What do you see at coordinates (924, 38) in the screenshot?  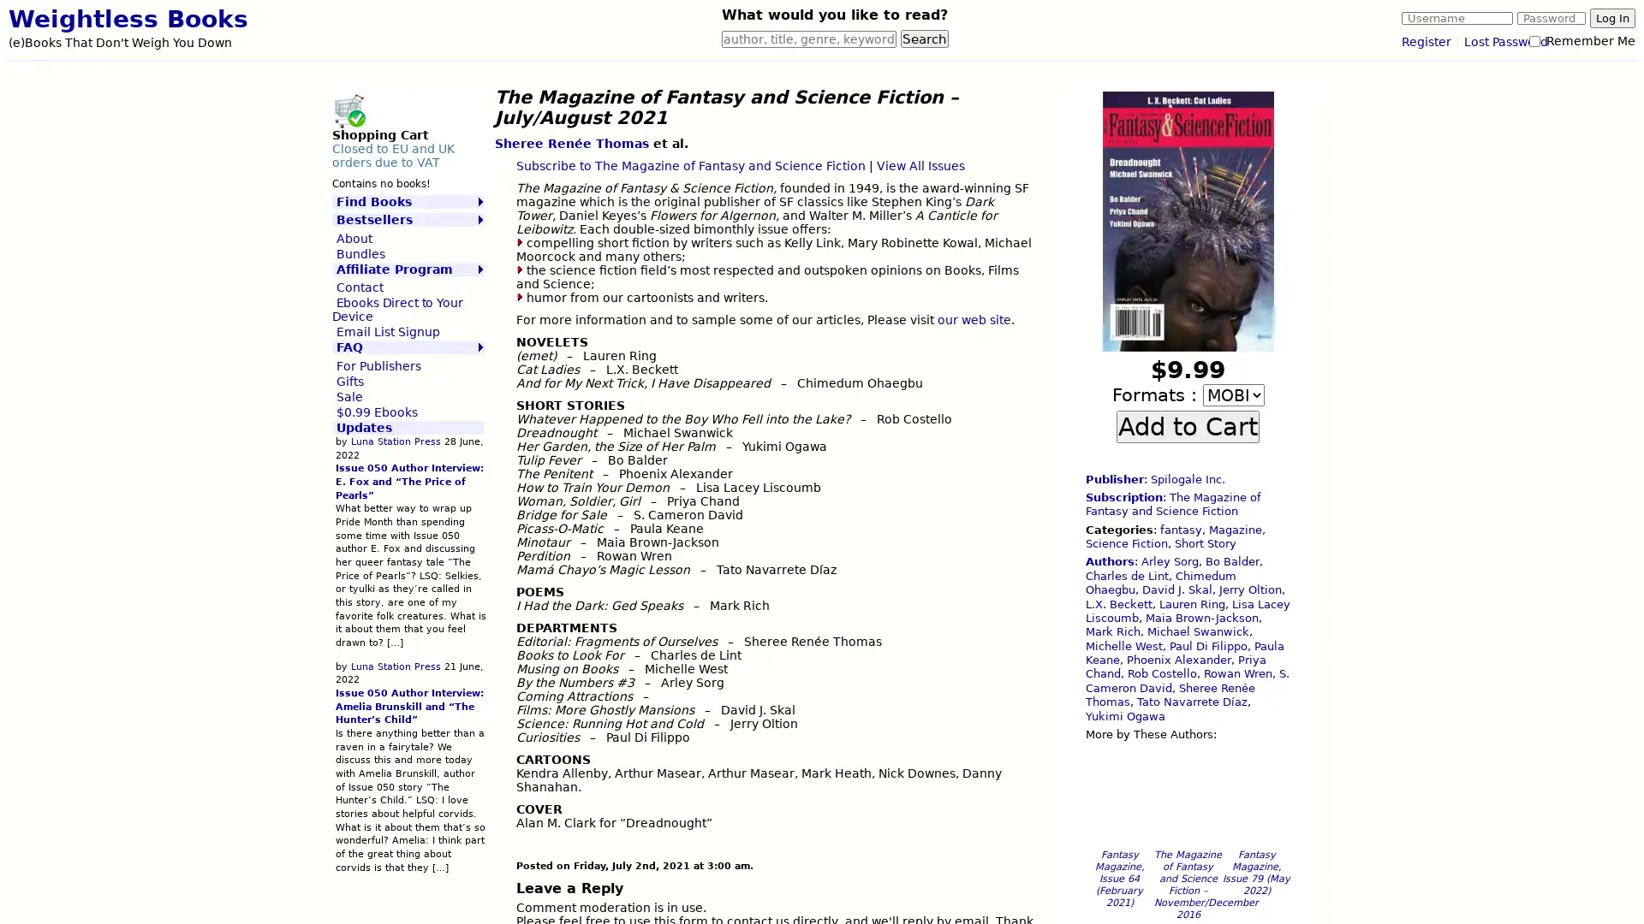 I see `Search` at bounding box center [924, 38].